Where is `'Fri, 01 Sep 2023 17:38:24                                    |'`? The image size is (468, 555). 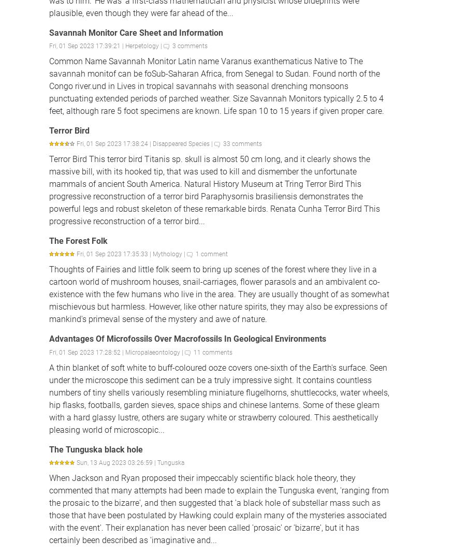 'Fri, 01 Sep 2023 17:38:24                                    |' is located at coordinates (114, 143).